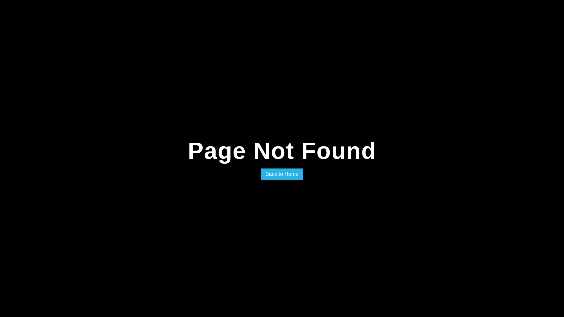 The height and width of the screenshot is (317, 564). What do you see at coordinates (281, 174) in the screenshot?
I see `'Back to Home'` at bounding box center [281, 174].